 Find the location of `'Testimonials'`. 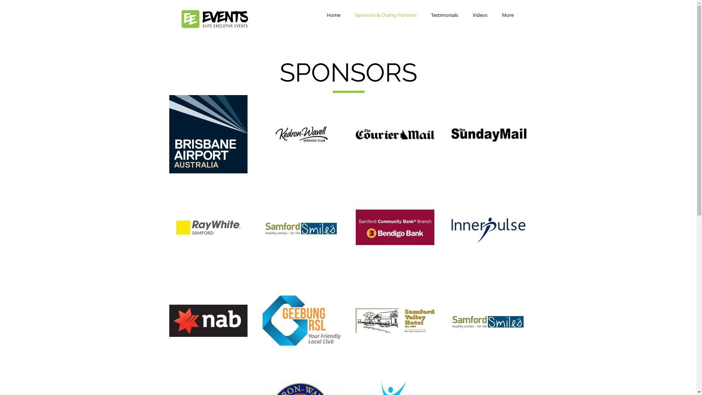

'Testimonials' is located at coordinates (444, 15).